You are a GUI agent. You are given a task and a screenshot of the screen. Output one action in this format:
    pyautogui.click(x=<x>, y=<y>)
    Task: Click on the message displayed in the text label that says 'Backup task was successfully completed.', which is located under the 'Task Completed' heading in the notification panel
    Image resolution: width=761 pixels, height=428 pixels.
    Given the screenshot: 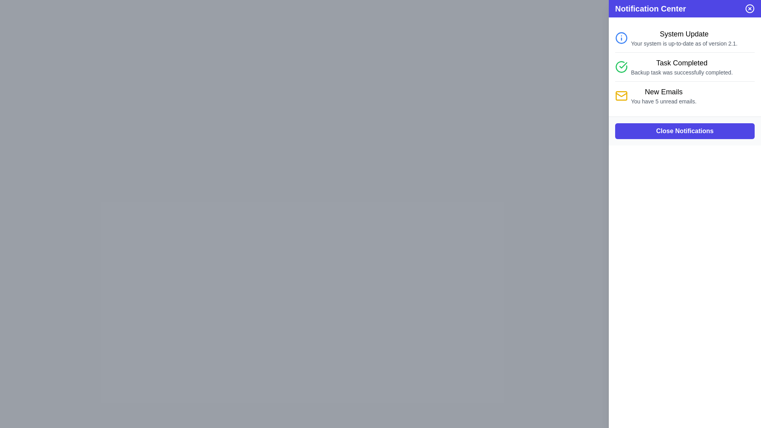 What is the action you would take?
    pyautogui.click(x=681, y=72)
    